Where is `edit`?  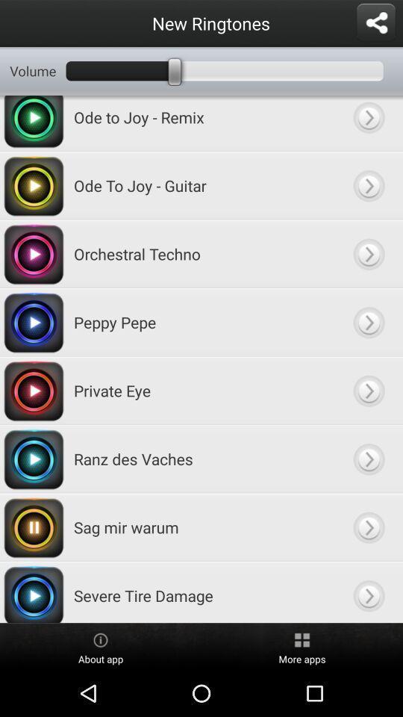 edit is located at coordinates (368, 254).